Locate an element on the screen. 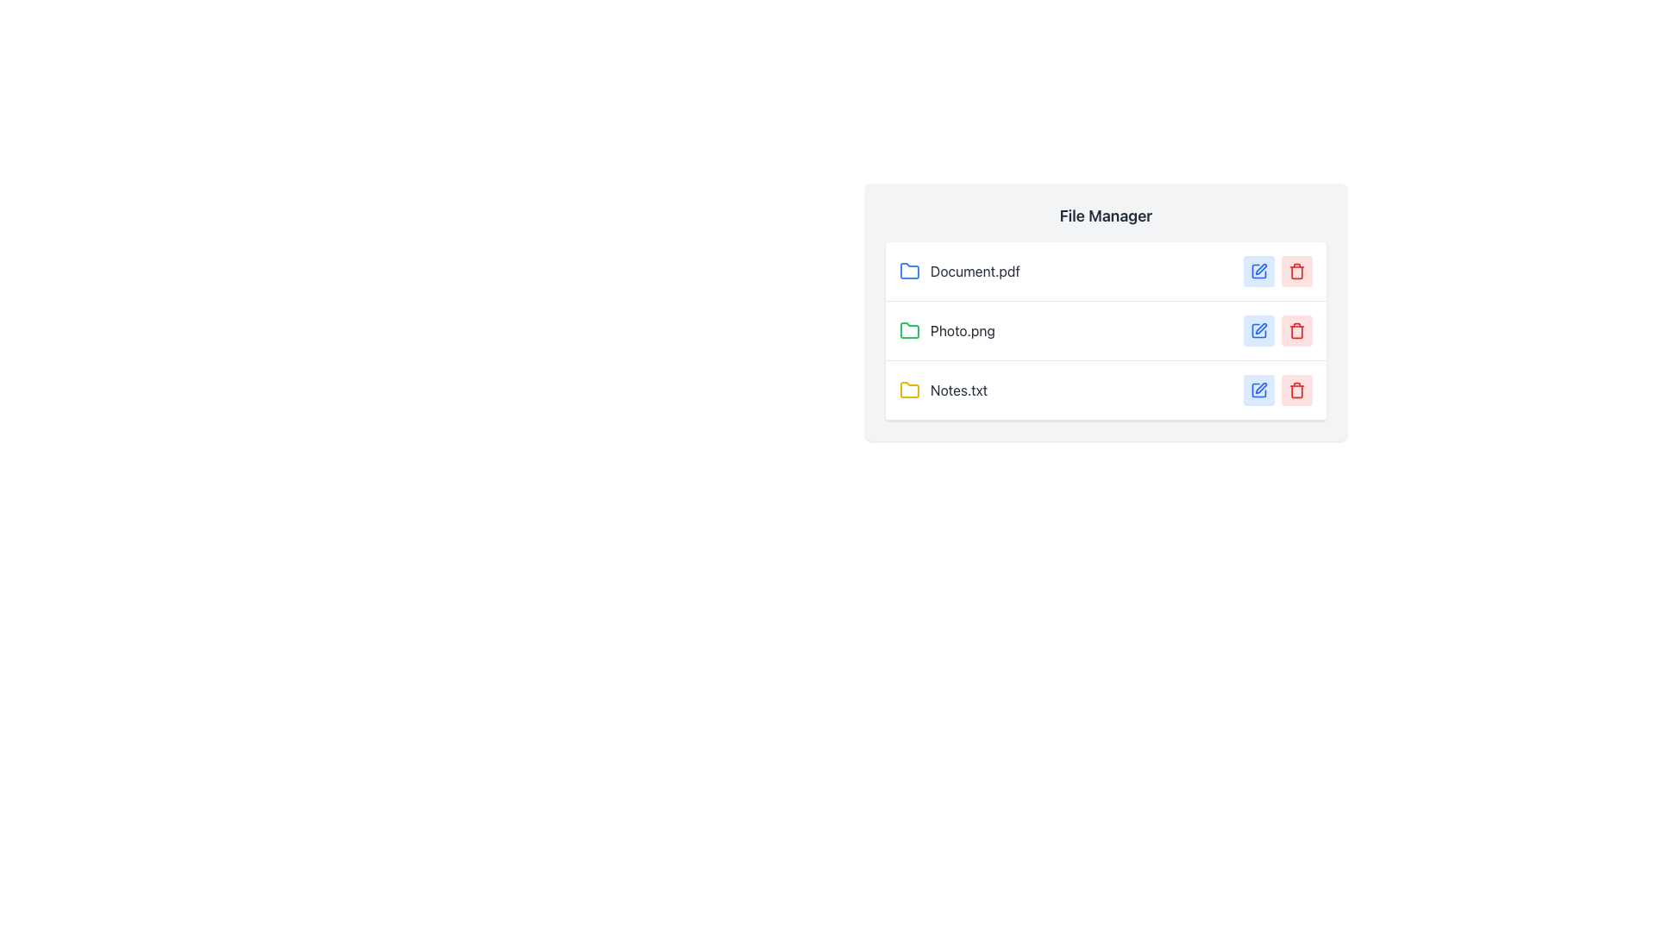 The image size is (1656, 931). the delete button, which is the second interactive element in the horizontal group of action buttons, to initiate the file deletion process is located at coordinates (1296, 272).